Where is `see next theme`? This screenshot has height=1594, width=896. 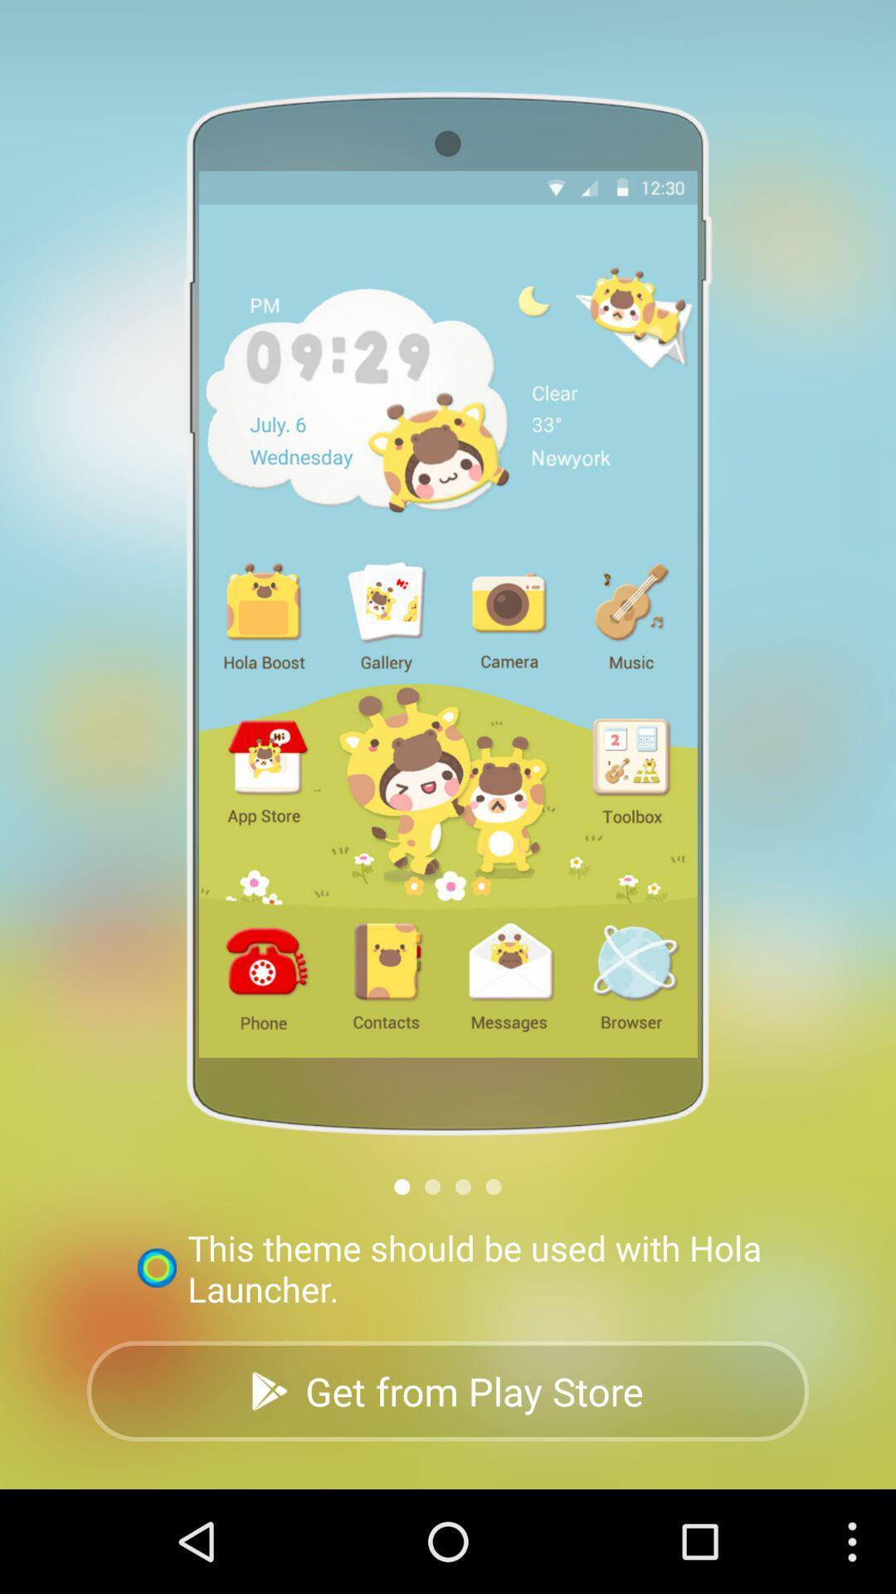
see next theme is located at coordinates (493, 1186).